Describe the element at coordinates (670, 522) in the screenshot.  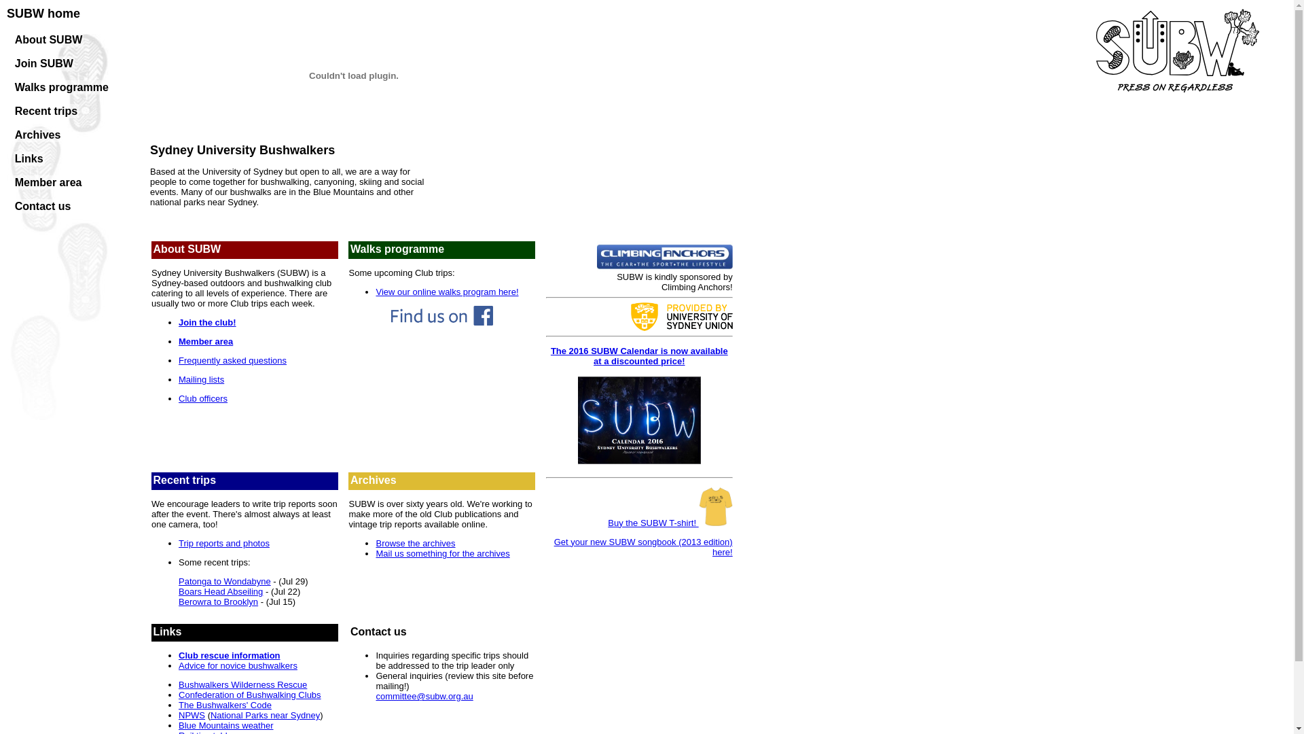
I see `'Buy the SUBW T-shirt!'` at that location.